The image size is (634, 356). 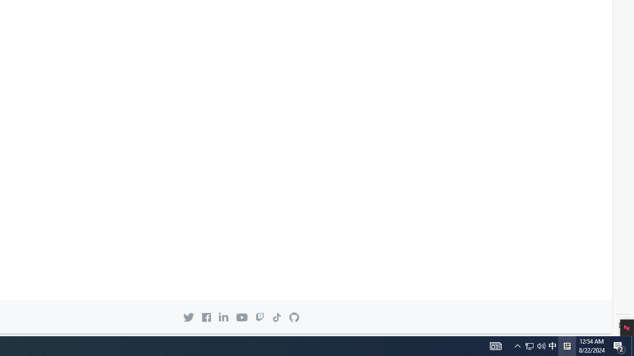 What do you see at coordinates (242, 317) in the screenshot?
I see `'YouTube icon GitHub on YouTube'` at bounding box center [242, 317].